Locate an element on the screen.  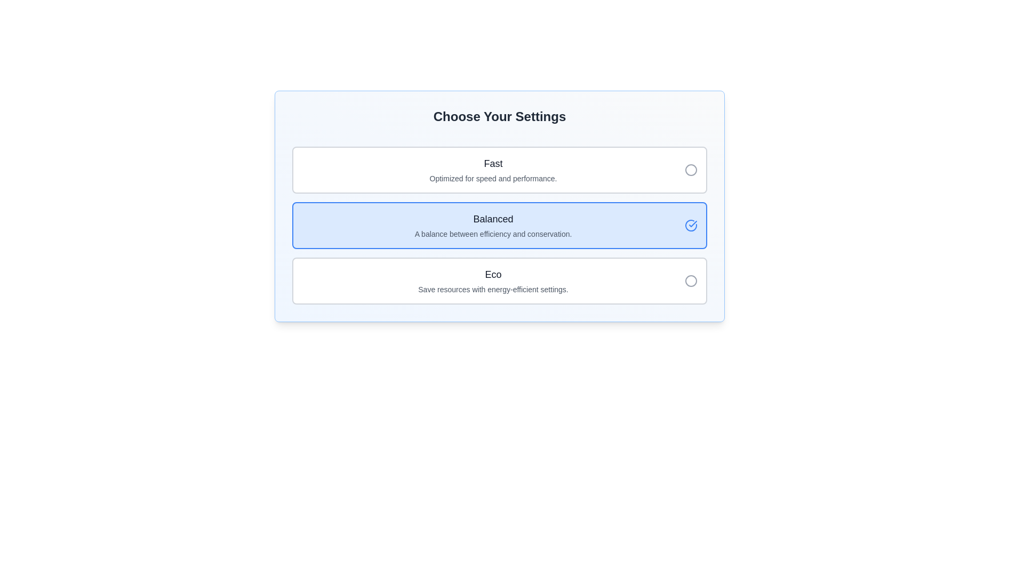
the selectable option labeled 'Balanced' in the configuration interface is located at coordinates (493, 225).